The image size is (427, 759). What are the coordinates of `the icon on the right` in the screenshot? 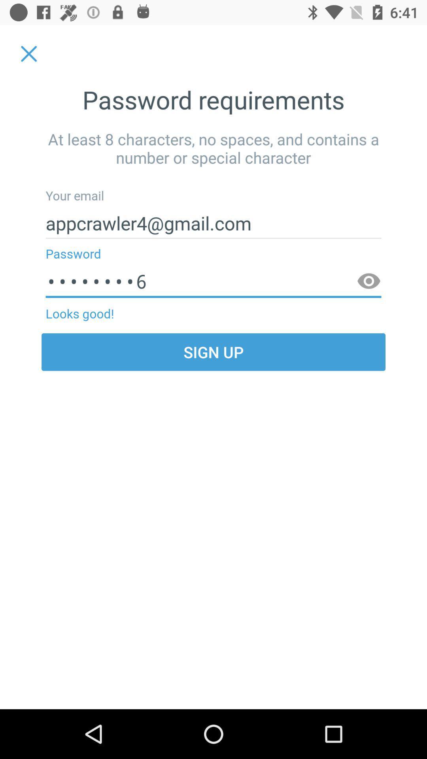 It's located at (369, 281).